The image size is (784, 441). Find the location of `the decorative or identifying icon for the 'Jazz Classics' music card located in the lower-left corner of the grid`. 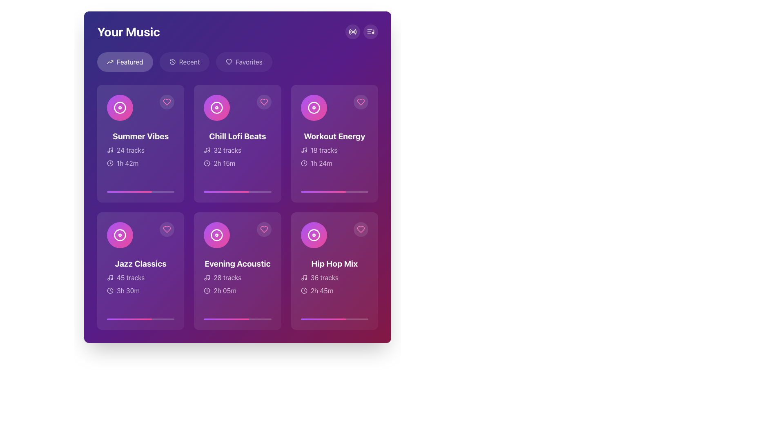

the decorative or identifying icon for the 'Jazz Classics' music card located in the lower-left corner of the grid is located at coordinates (119, 235).